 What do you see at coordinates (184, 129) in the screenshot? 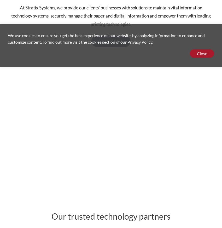
I see `'Careers'` at bounding box center [184, 129].